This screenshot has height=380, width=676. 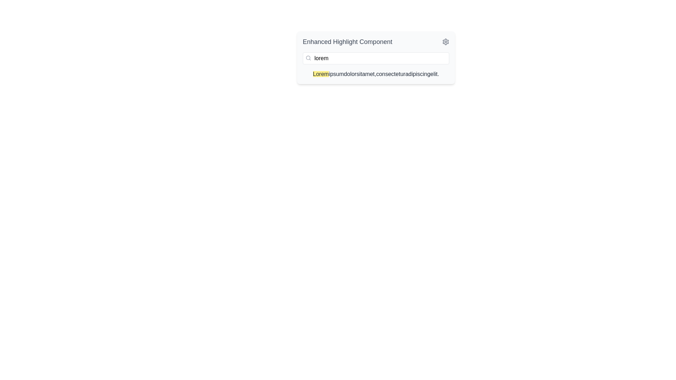 What do you see at coordinates (376, 74) in the screenshot?
I see `the text block displaying 'Lorem ipsum dolor sit amet, consectetur adipiscing elit.' which is bold and dark-gray with 'Lorem' highlighted in yellow, located at the bottom of the 'Enhanced Highlight Component' card` at bounding box center [376, 74].